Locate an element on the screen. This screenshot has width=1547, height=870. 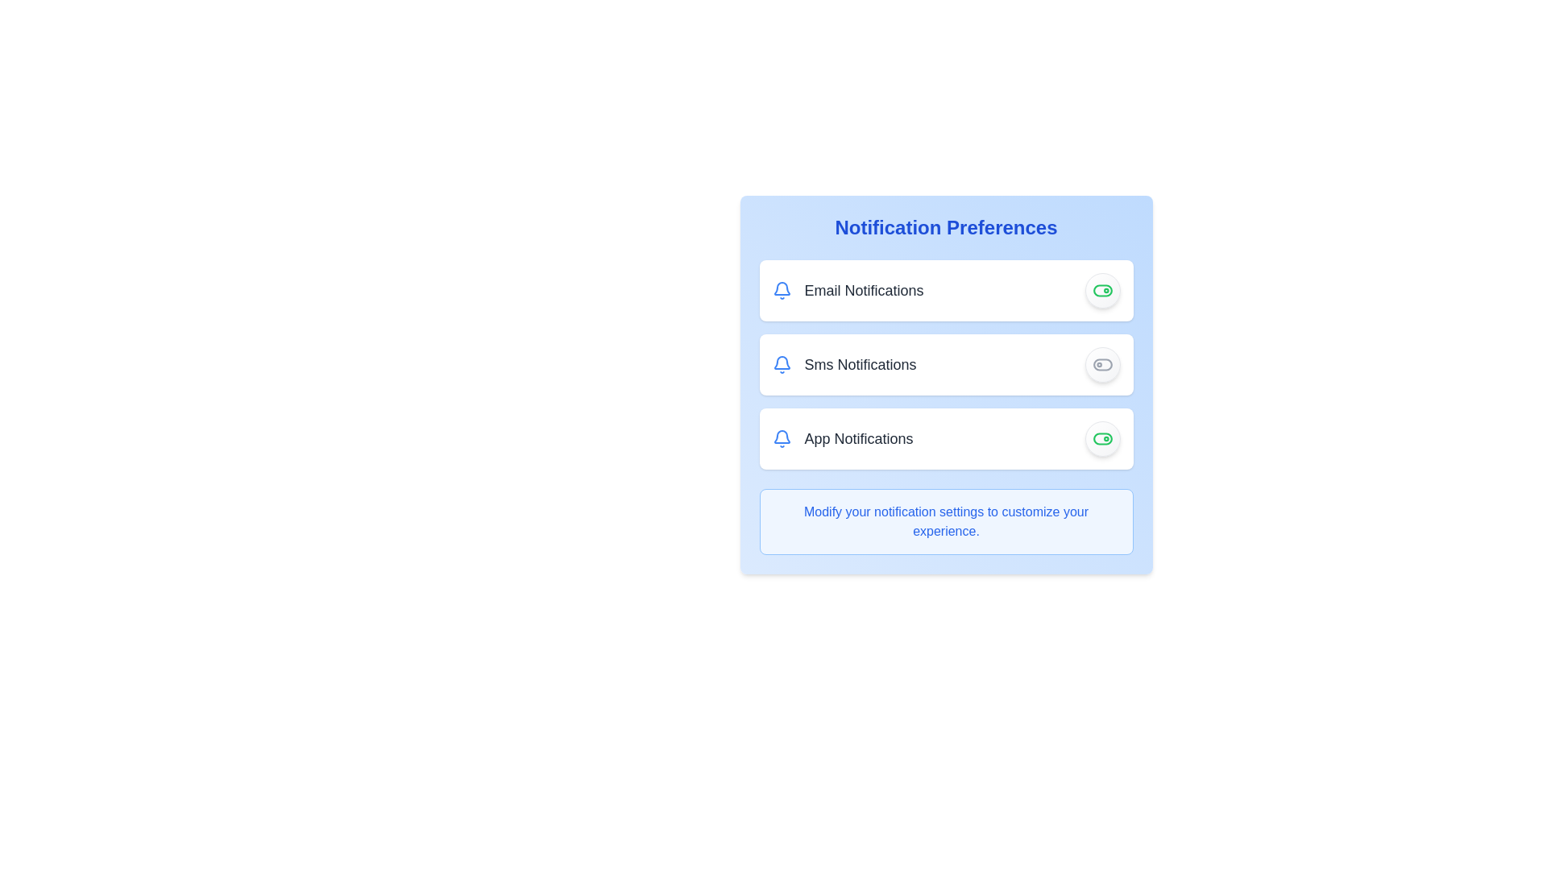
the toggle switch to change the state of the 'App Notifications' option in the notification preferences interface is located at coordinates (1101, 438).